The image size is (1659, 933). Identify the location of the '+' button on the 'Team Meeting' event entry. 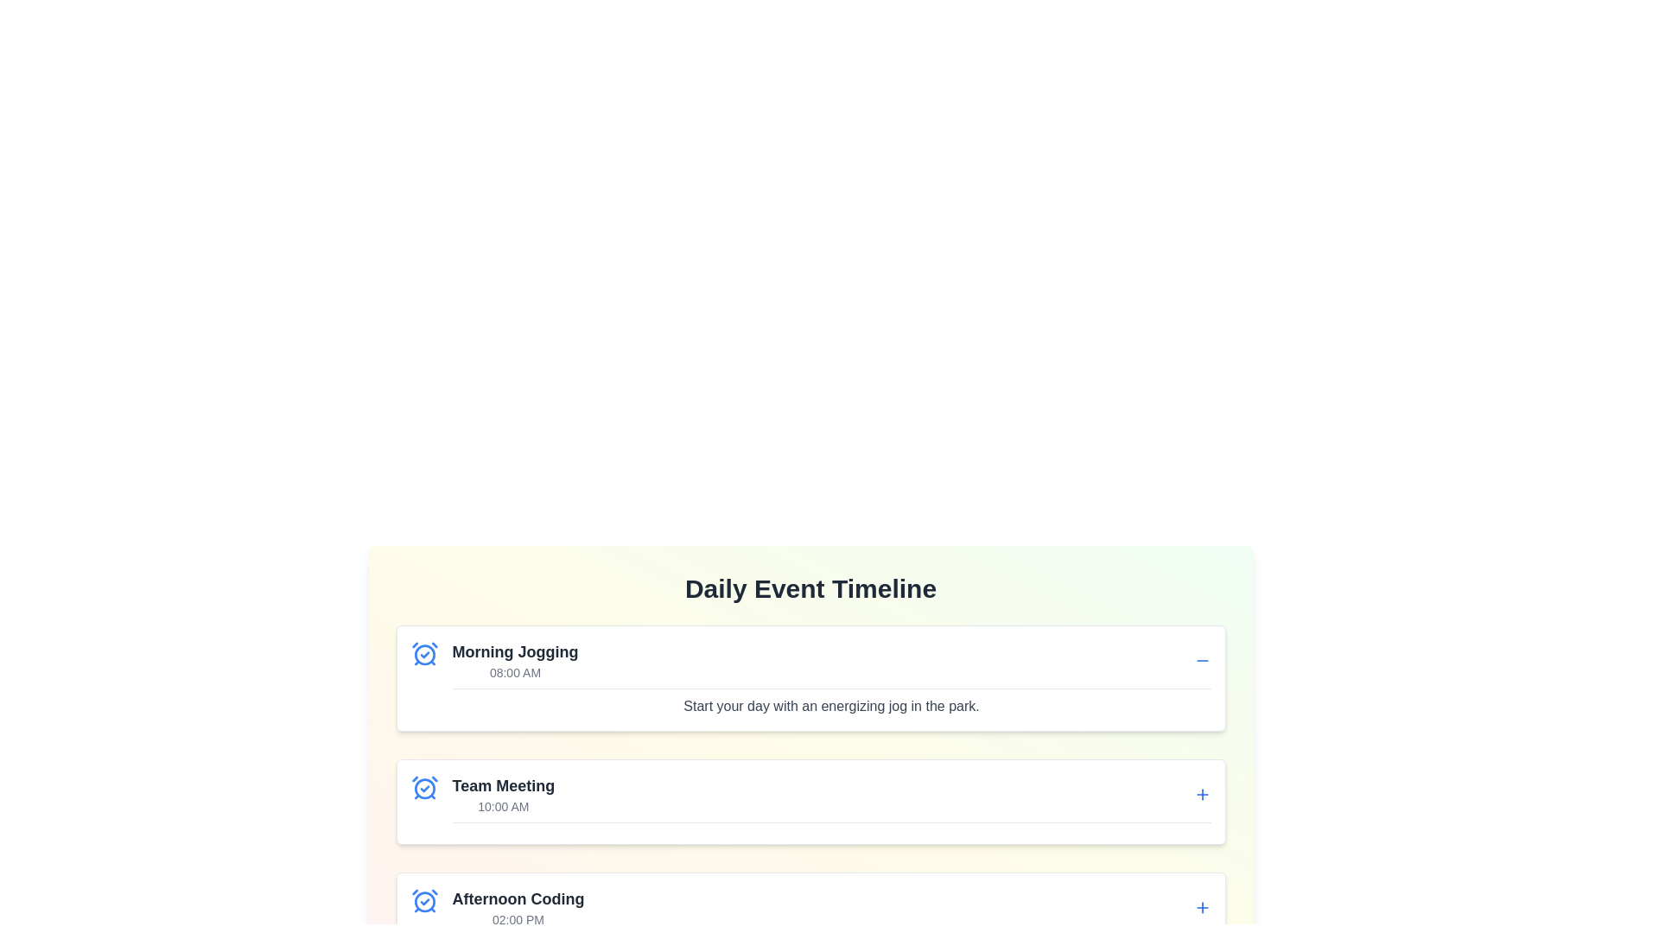
(810, 798).